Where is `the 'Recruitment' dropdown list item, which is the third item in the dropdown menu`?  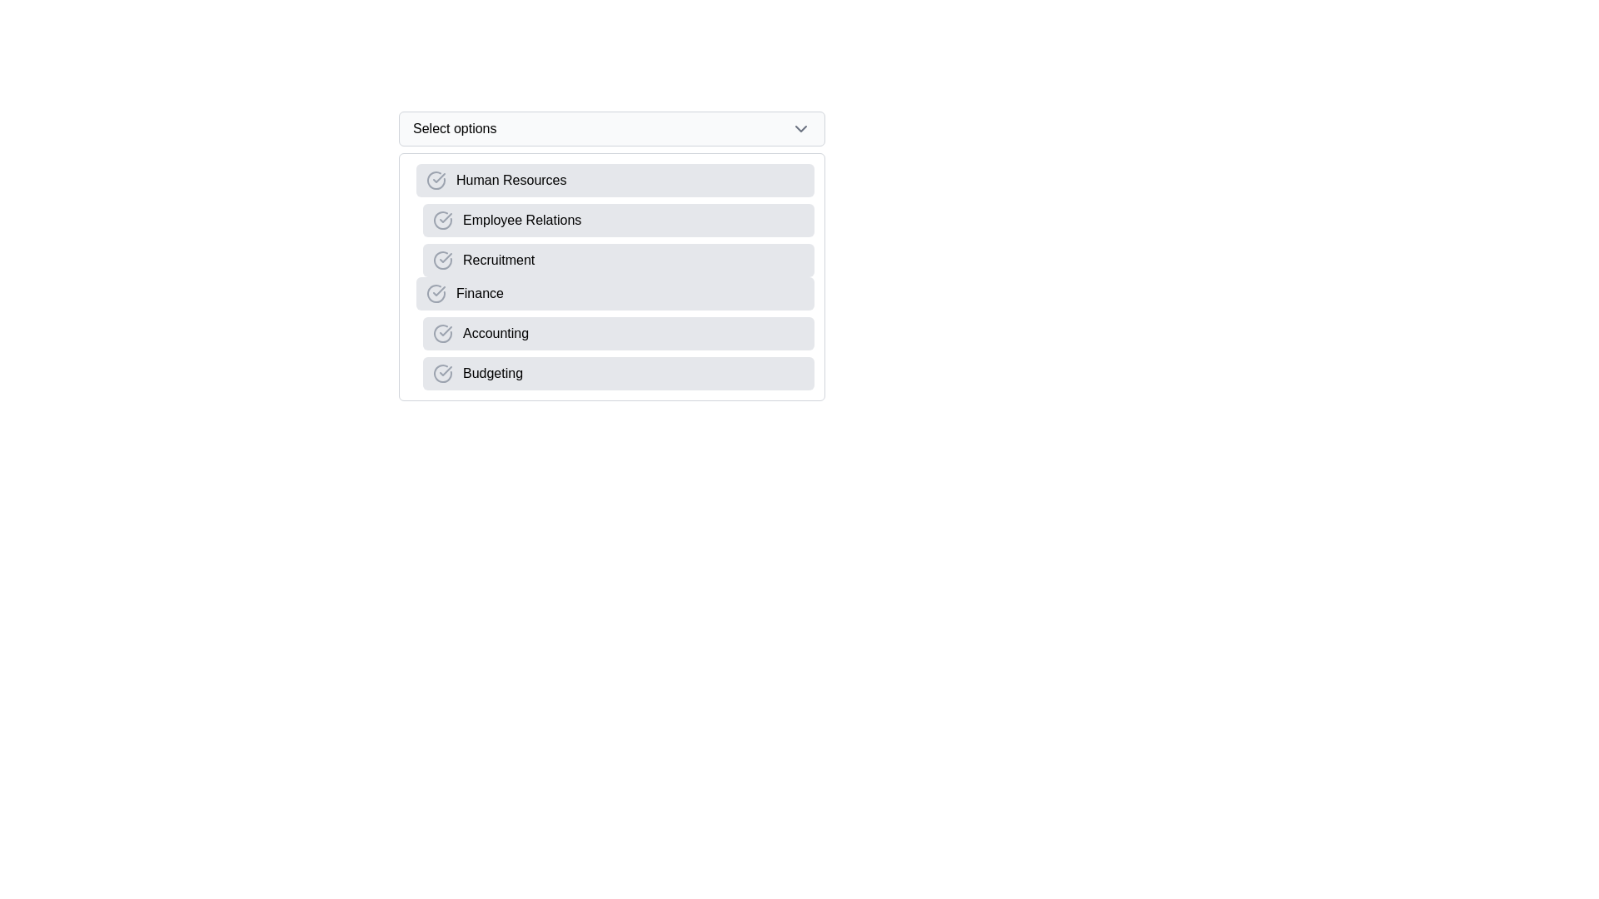
the 'Recruitment' dropdown list item, which is the third item in the dropdown menu is located at coordinates (610, 256).